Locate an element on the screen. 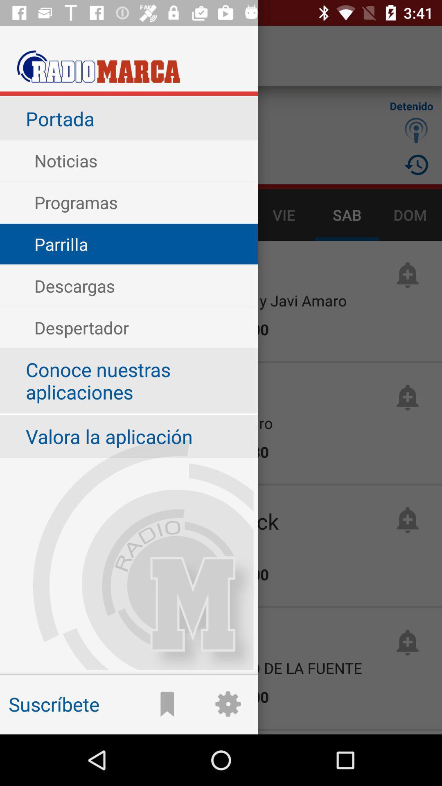  the history icon is located at coordinates (416, 164).